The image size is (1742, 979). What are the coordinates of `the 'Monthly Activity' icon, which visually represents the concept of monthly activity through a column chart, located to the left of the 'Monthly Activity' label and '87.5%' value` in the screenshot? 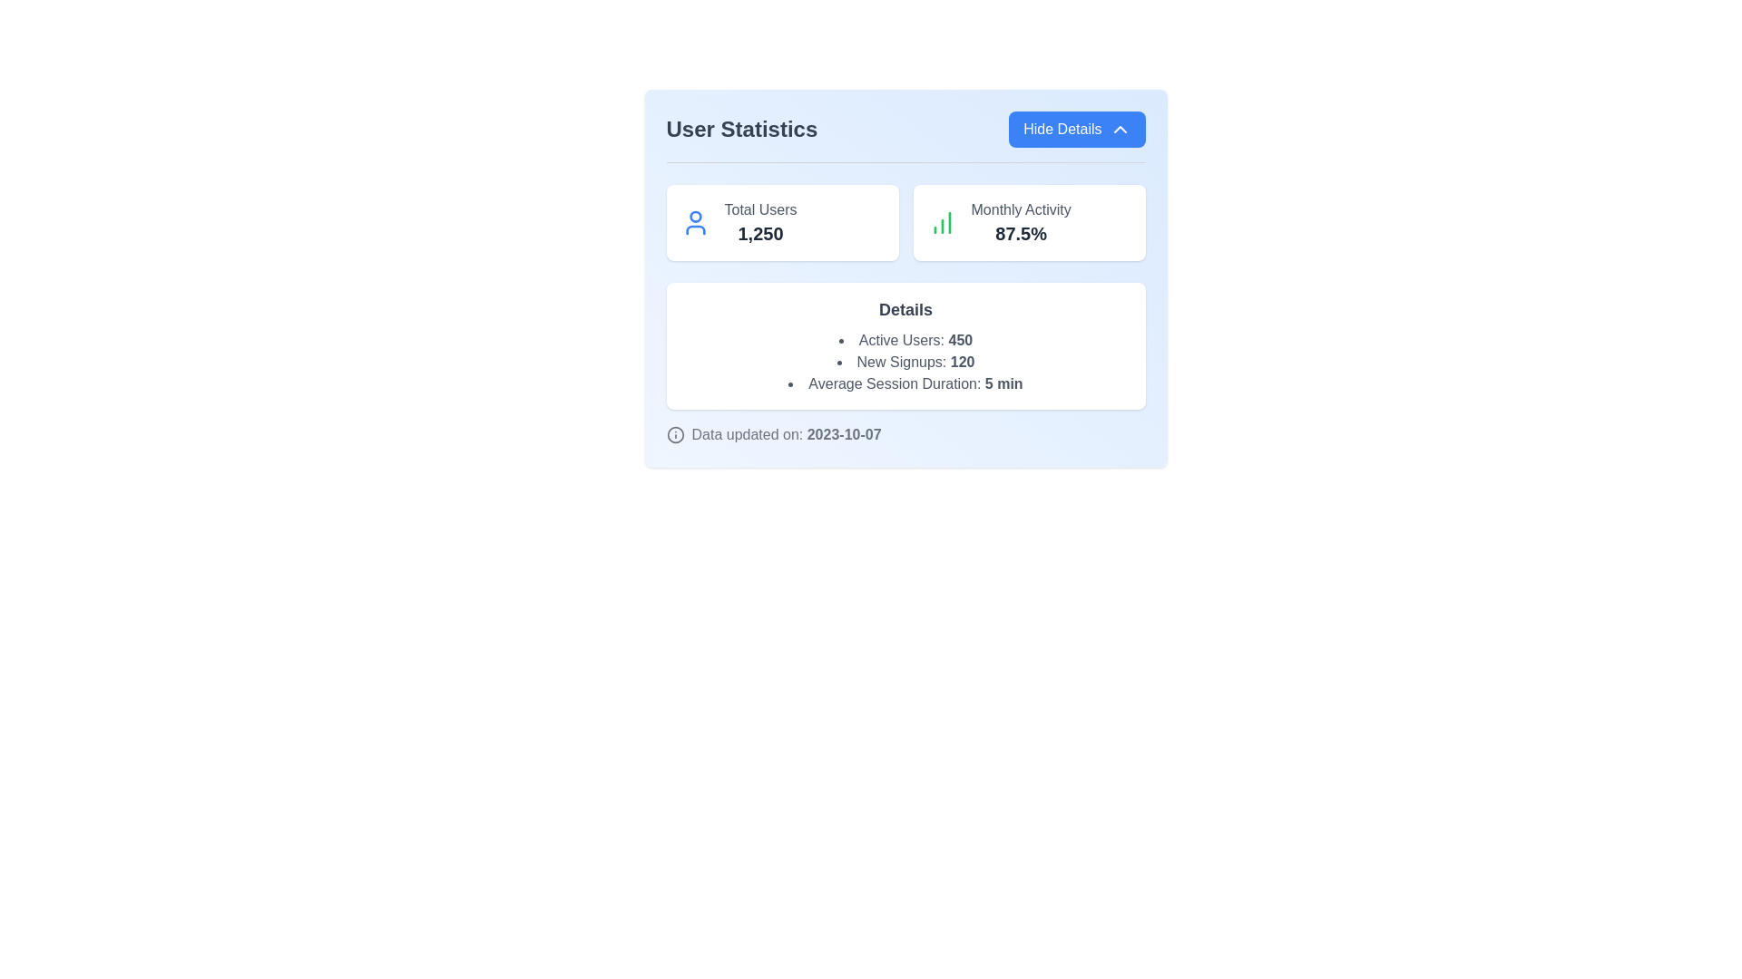 It's located at (942, 222).